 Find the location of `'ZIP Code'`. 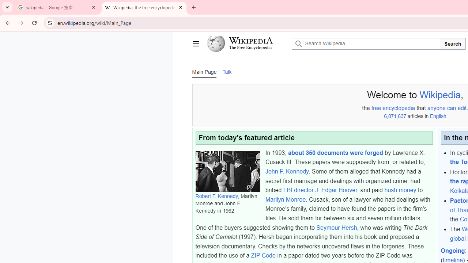

'ZIP Code' is located at coordinates (263, 255).